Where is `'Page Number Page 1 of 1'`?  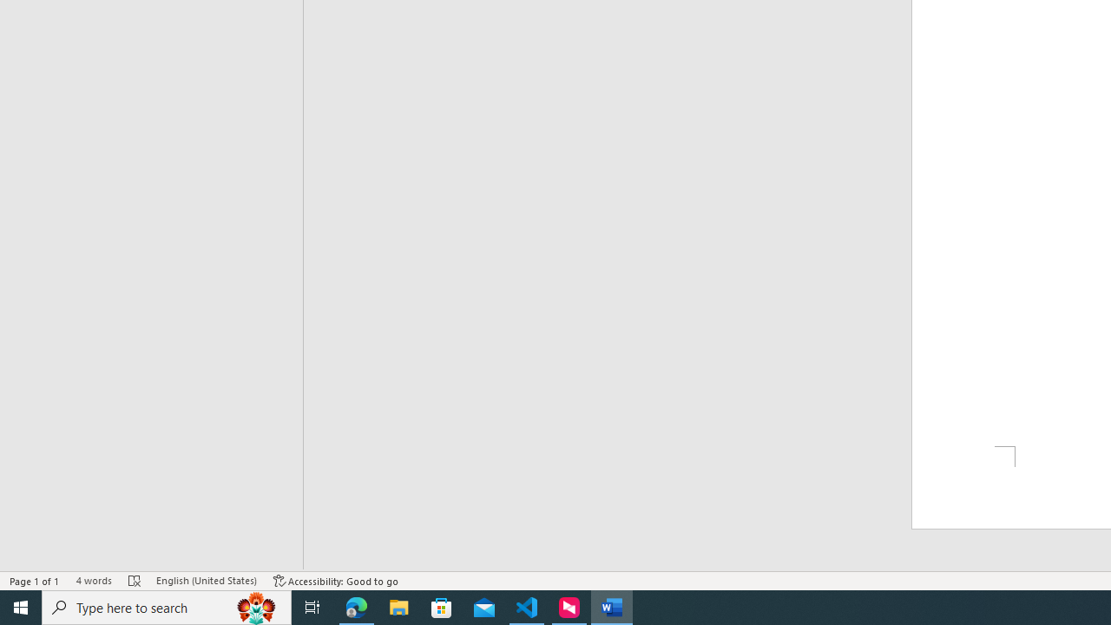
'Page Number Page 1 of 1' is located at coordinates (35, 581).